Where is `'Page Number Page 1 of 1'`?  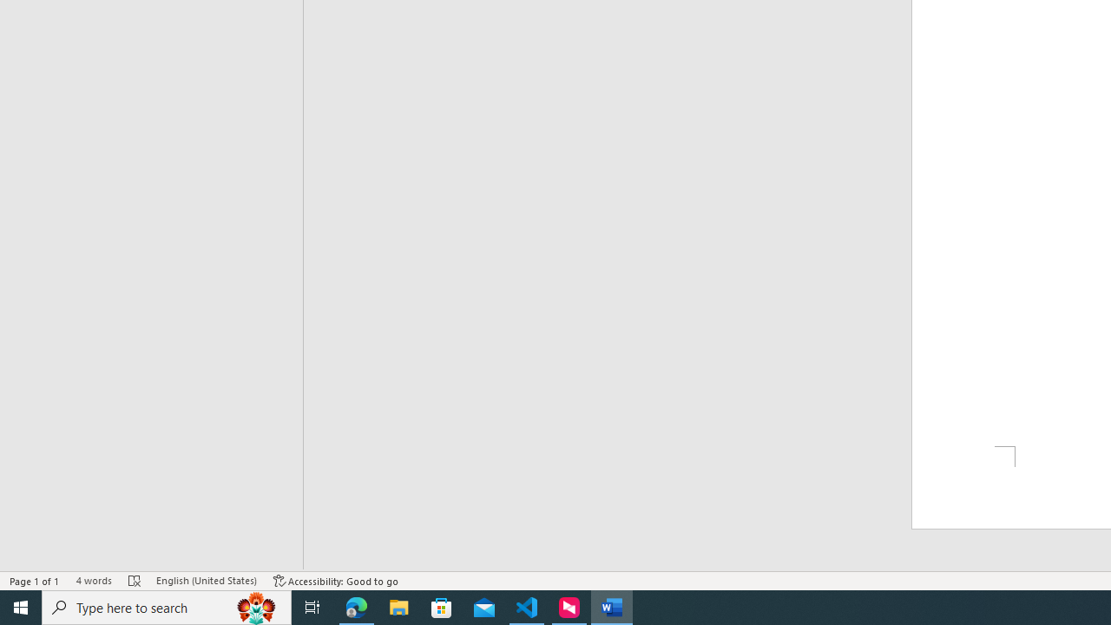
'Page Number Page 1 of 1' is located at coordinates (35, 581).